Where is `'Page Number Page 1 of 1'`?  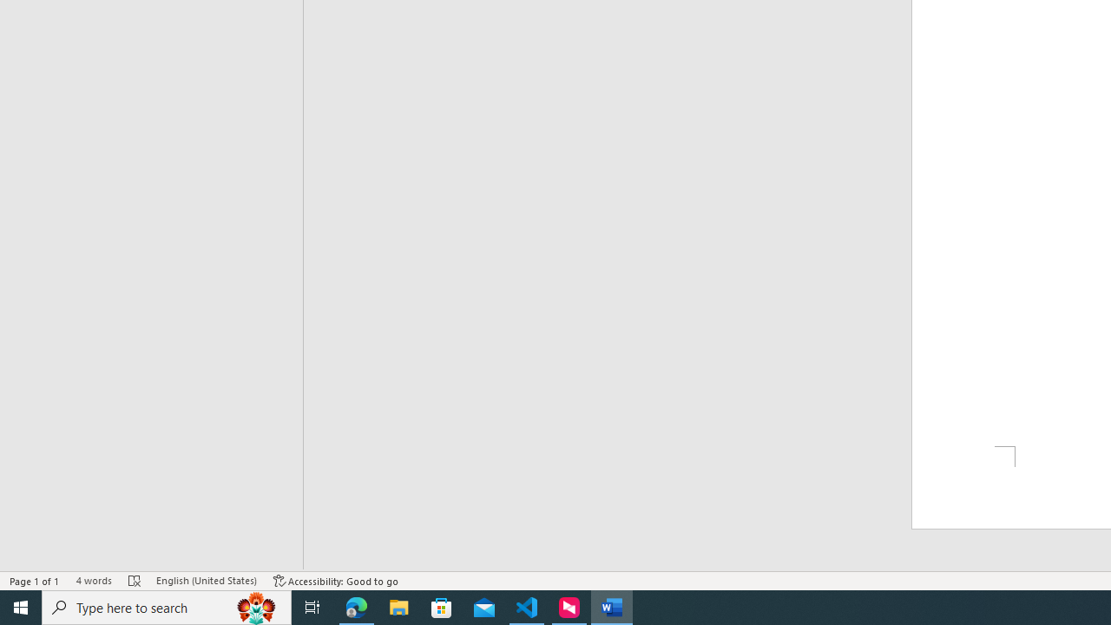
'Page Number Page 1 of 1' is located at coordinates (35, 581).